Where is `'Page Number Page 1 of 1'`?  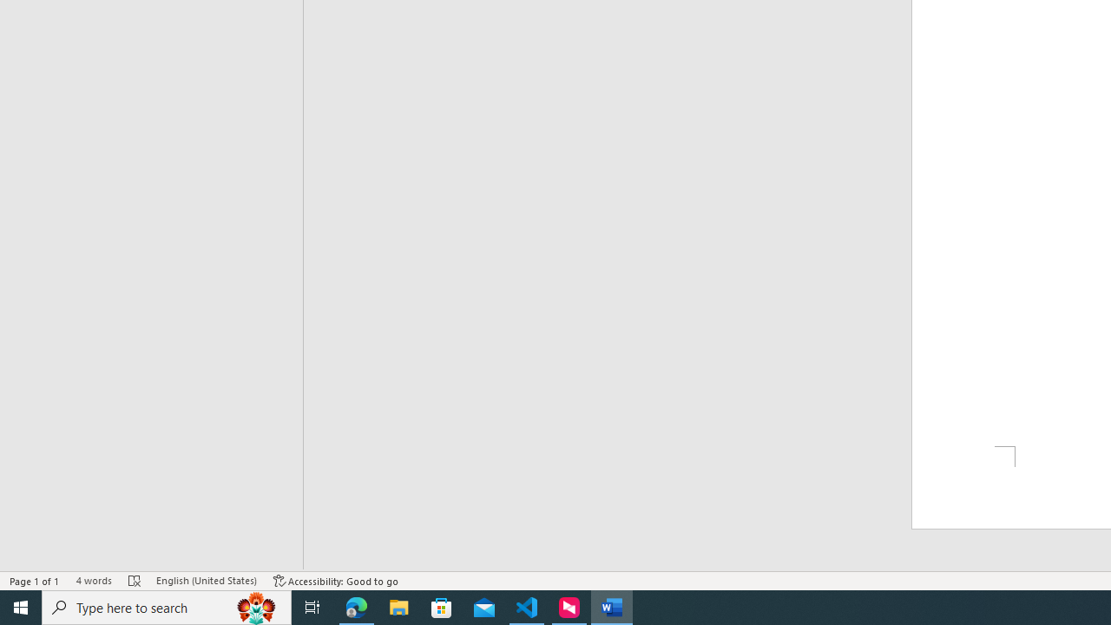
'Page Number Page 1 of 1' is located at coordinates (35, 581).